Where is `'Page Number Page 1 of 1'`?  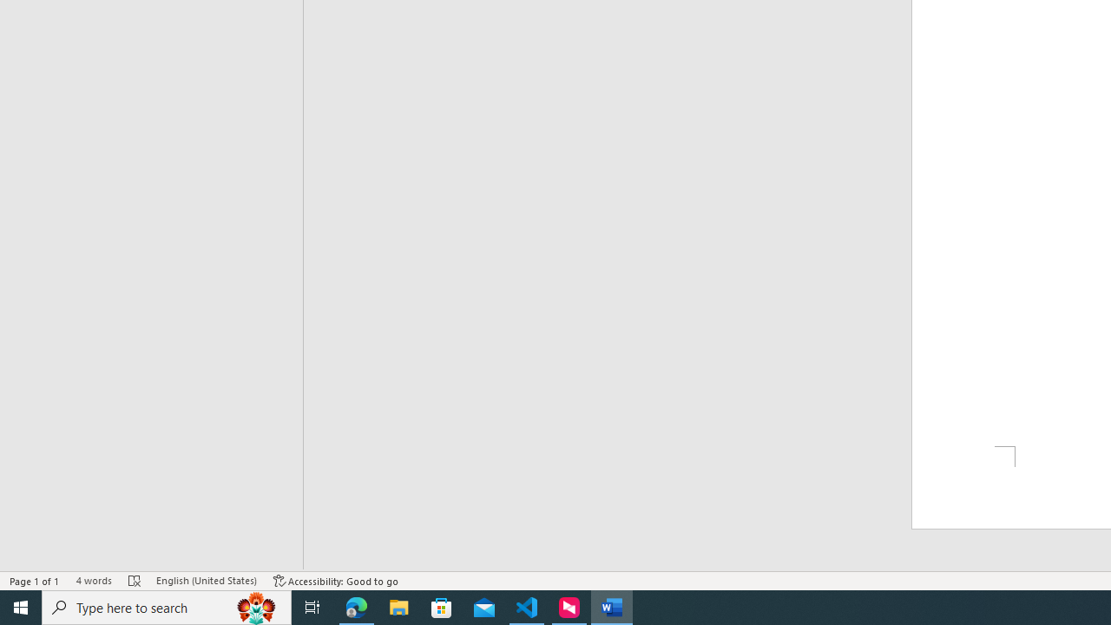
'Page Number Page 1 of 1' is located at coordinates (35, 581).